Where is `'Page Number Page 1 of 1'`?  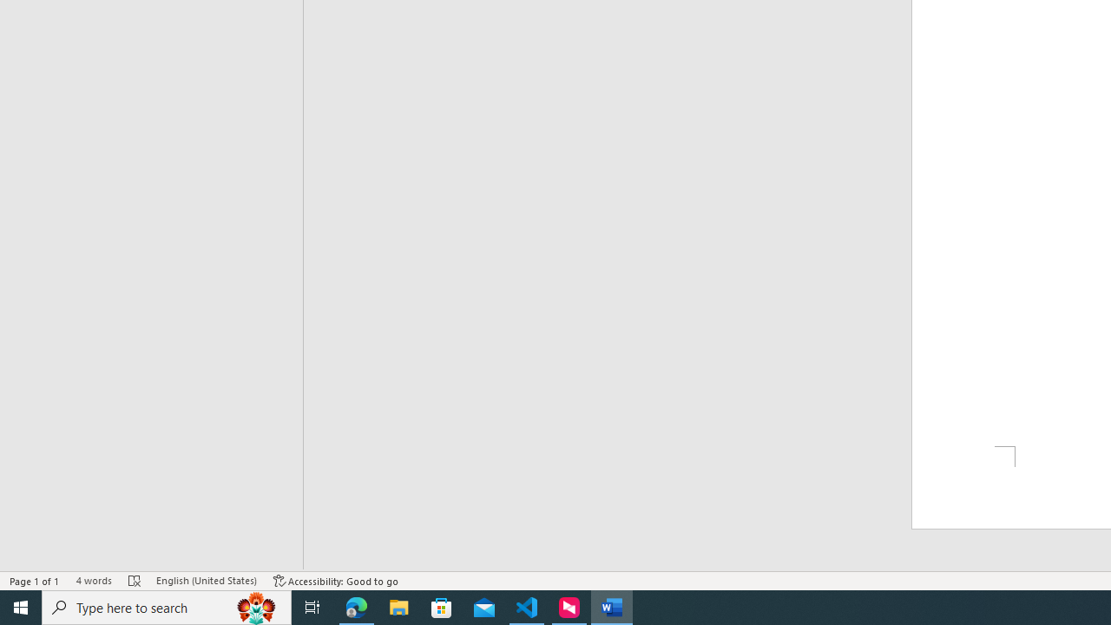
'Page Number Page 1 of 1' is located at coordinates (35, 581).